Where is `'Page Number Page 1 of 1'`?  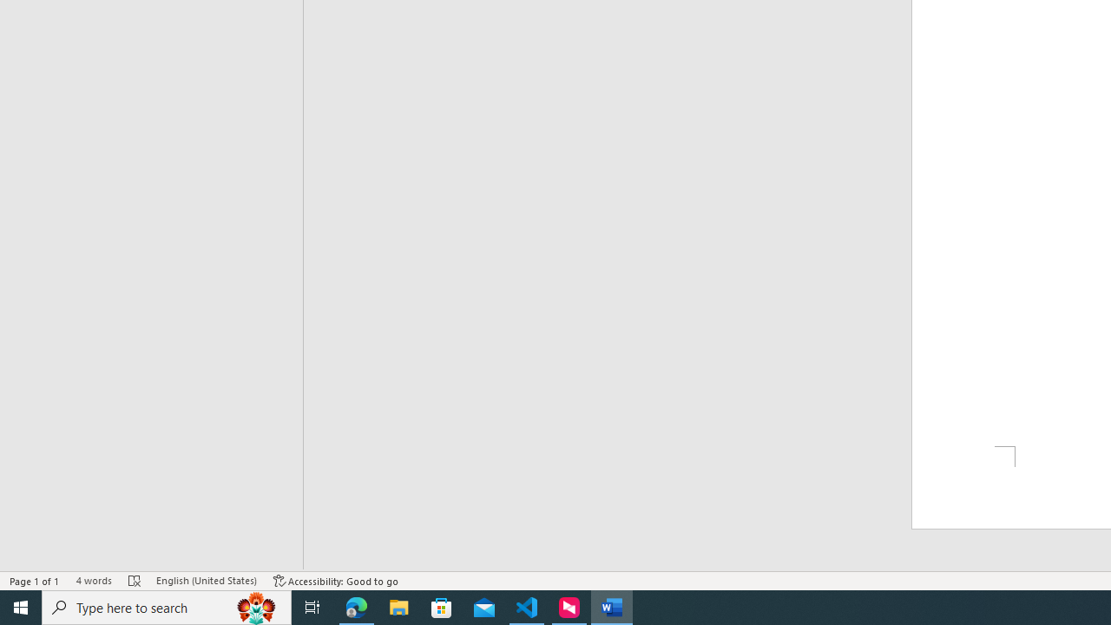
'Page Number Page 1 of 1' is located at coordinates (35, 581).